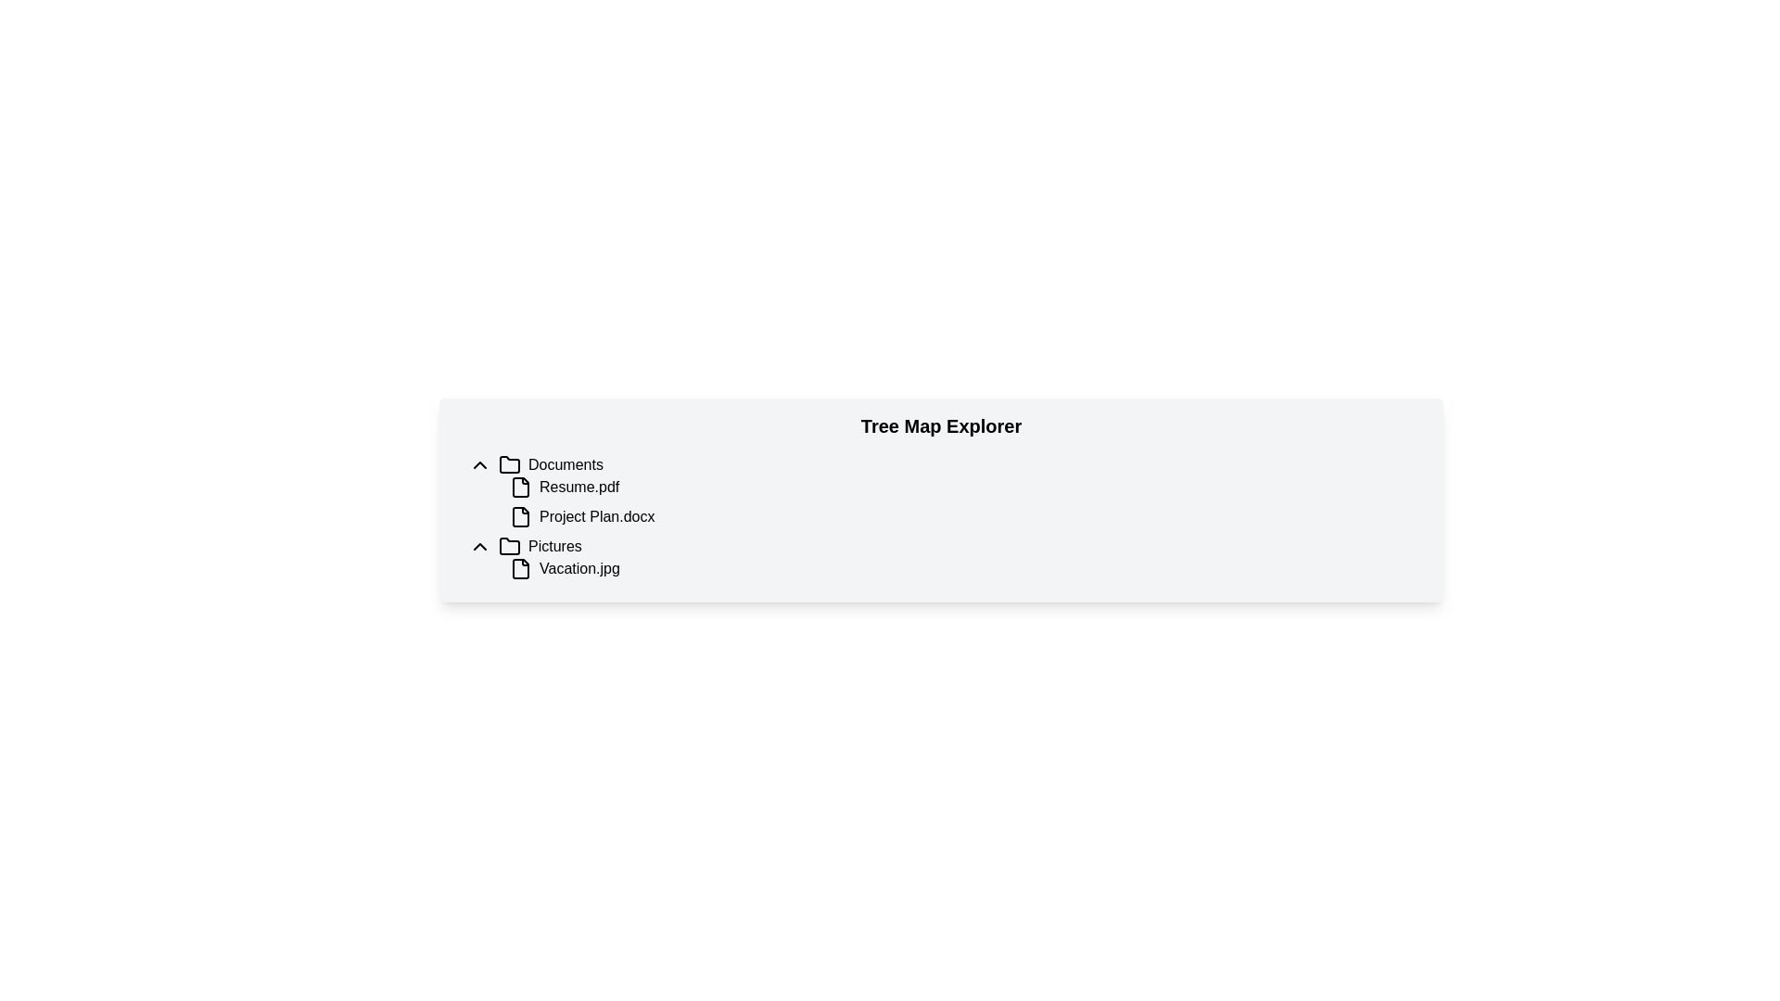 Image resolution: width=1780 pixels, height=1001 pixels. Describe the element at coordinates (510, 546) in the screenshot. I see `the folder icon representing the 'Pictures' folder in the tree view interface, which is located to the left of the 'Pictures' label` at that location.